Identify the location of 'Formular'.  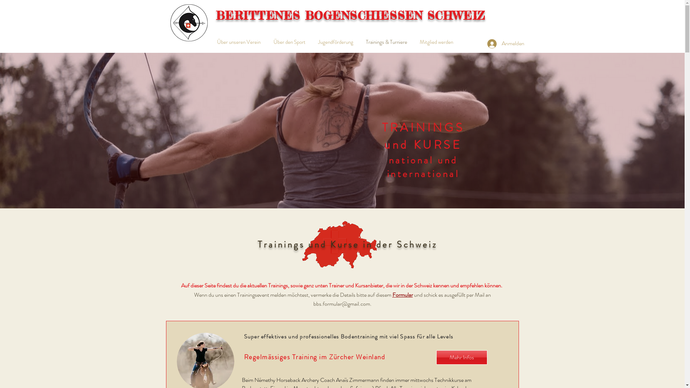
(402, 295).